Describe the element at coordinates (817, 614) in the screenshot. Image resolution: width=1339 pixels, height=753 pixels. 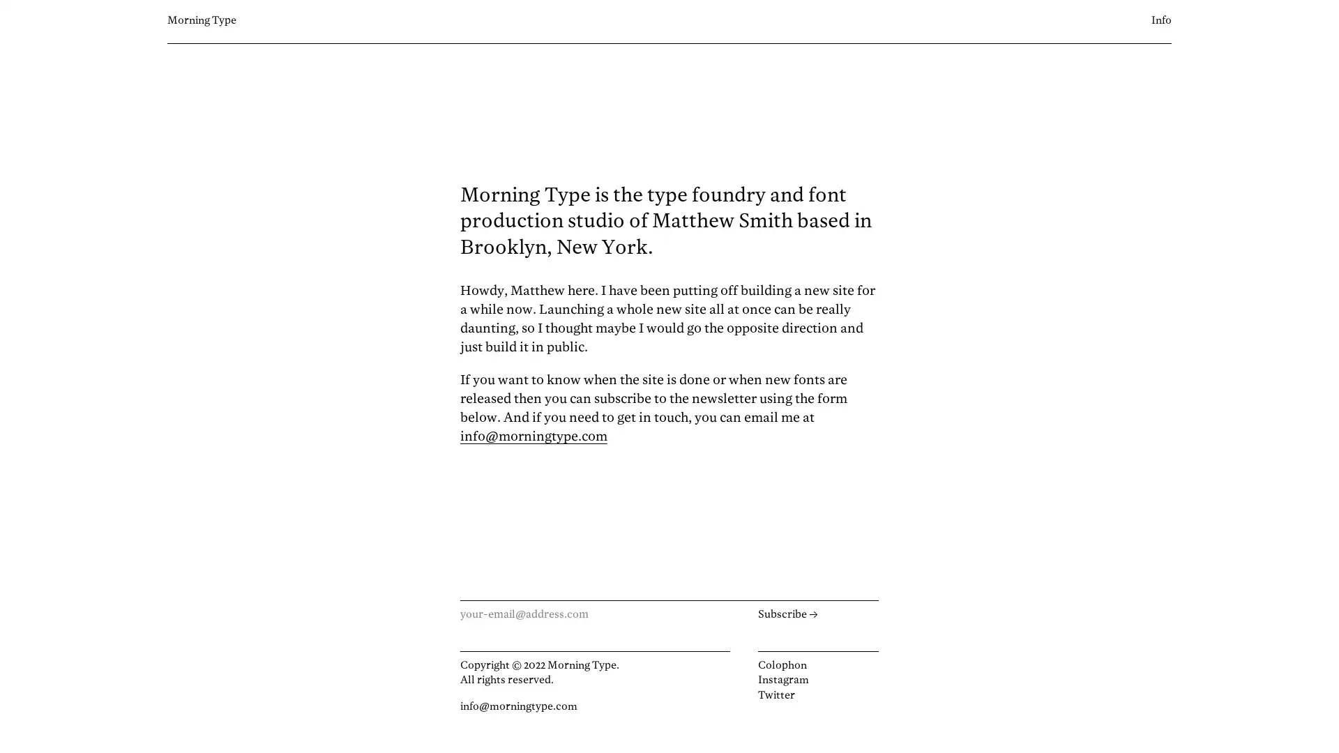
I see `Subscribe` at that location.